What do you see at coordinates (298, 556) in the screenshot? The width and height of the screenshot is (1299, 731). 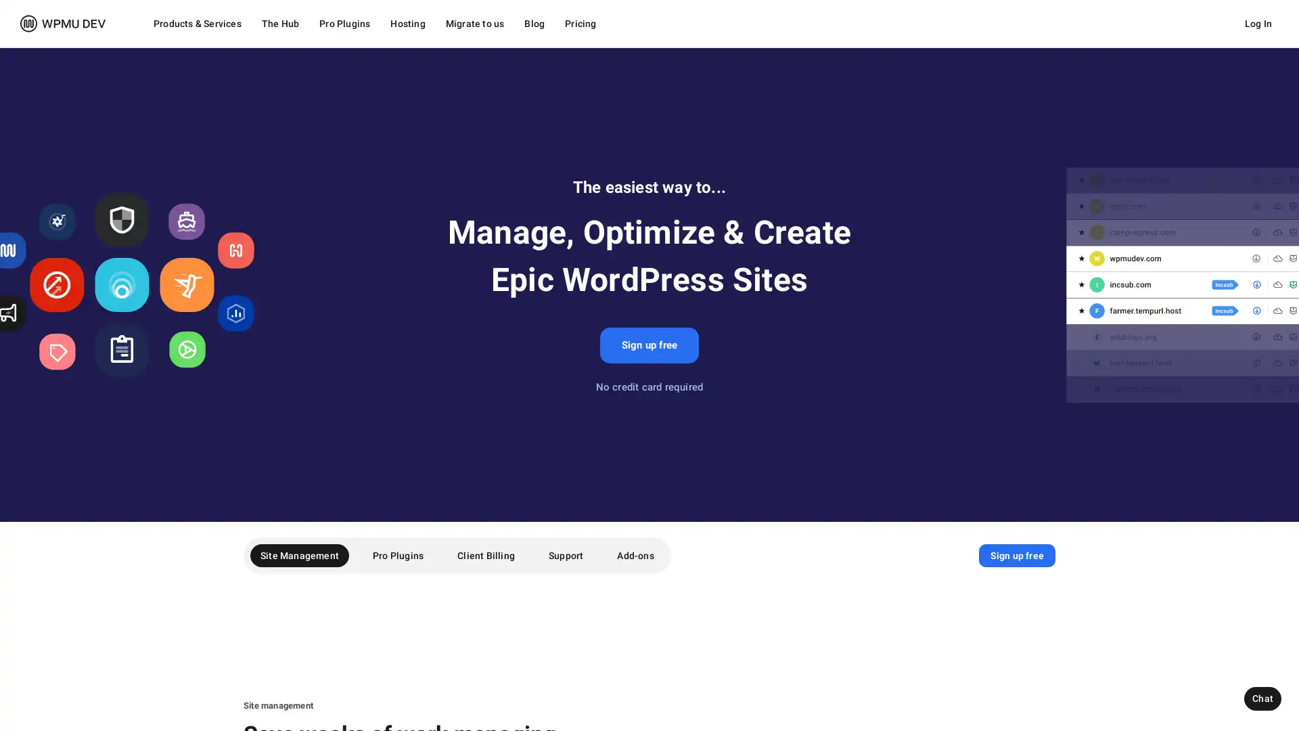 I see `Site Management` at bounding box center [298, 556].